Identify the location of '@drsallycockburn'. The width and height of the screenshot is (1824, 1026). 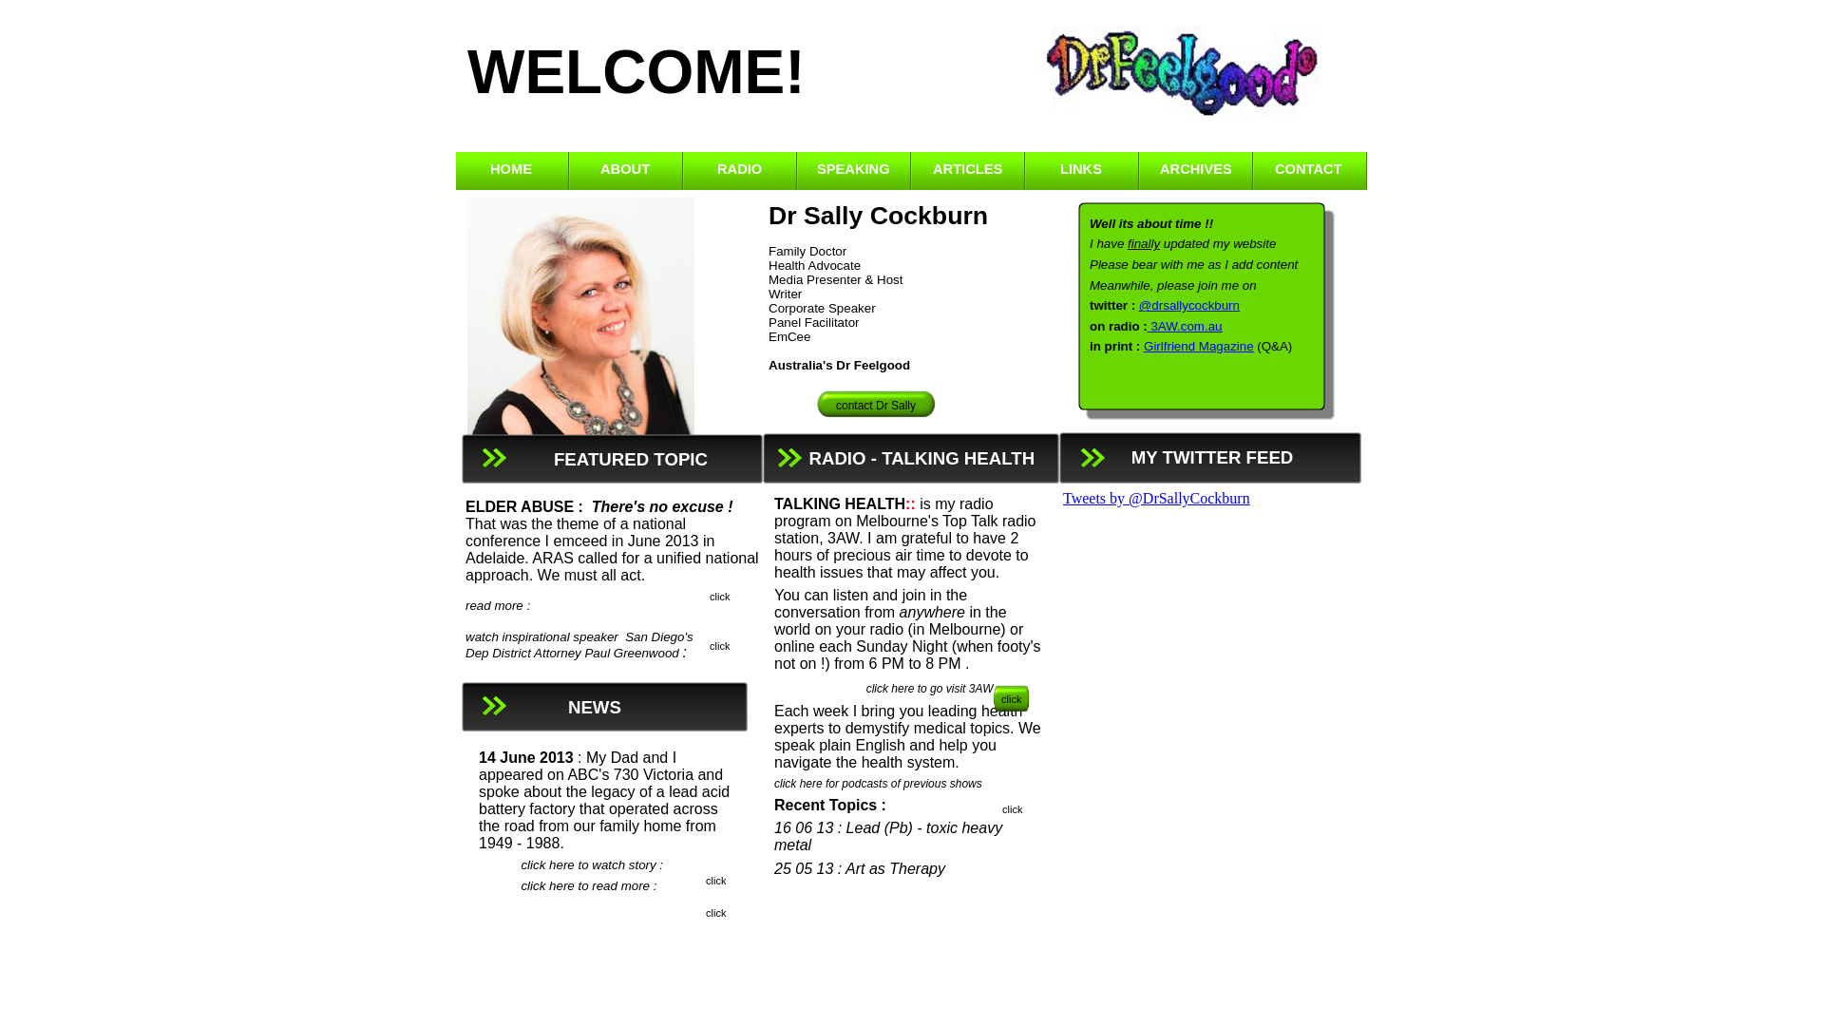
(1188, 303).